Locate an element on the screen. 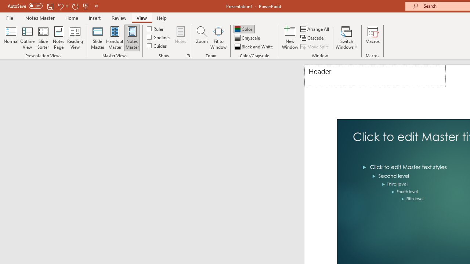  'Move Split' is located at coordinates (315, 47).